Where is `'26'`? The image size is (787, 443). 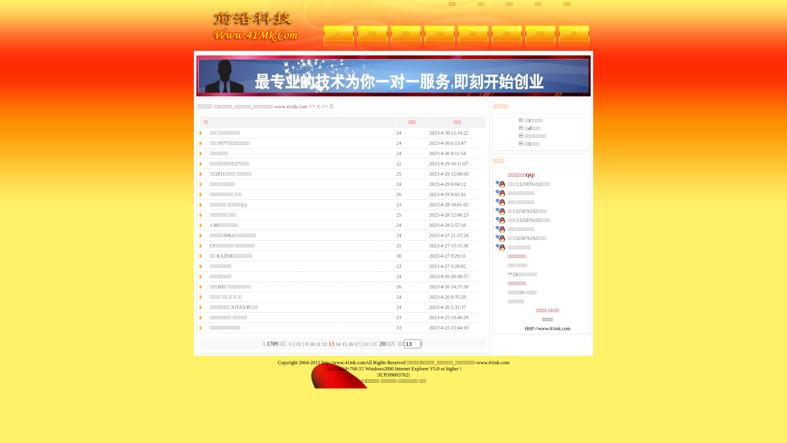 '26' is located at coordinates (399, 194).